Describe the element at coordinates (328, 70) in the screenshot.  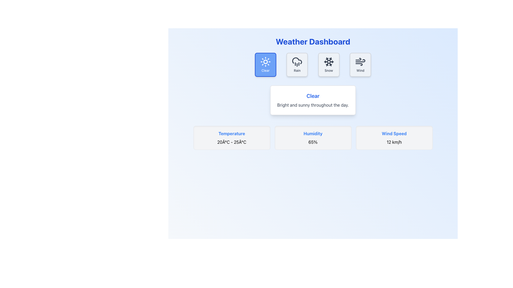
I see `text label that describes the weather condition 'Snow', located in the third column of the weather condition selector, below the snowflake icon` at that location.